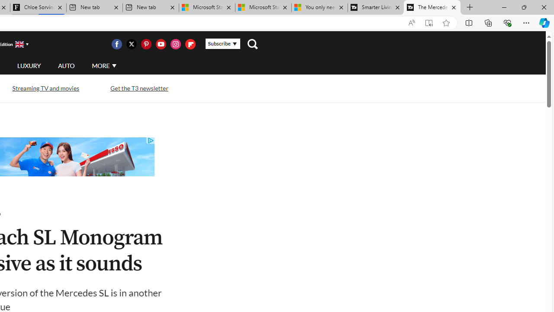 The height and width of the screenshot is (312, 554). I want to click on 'Get the T3 newsletter', so click(139, 88).